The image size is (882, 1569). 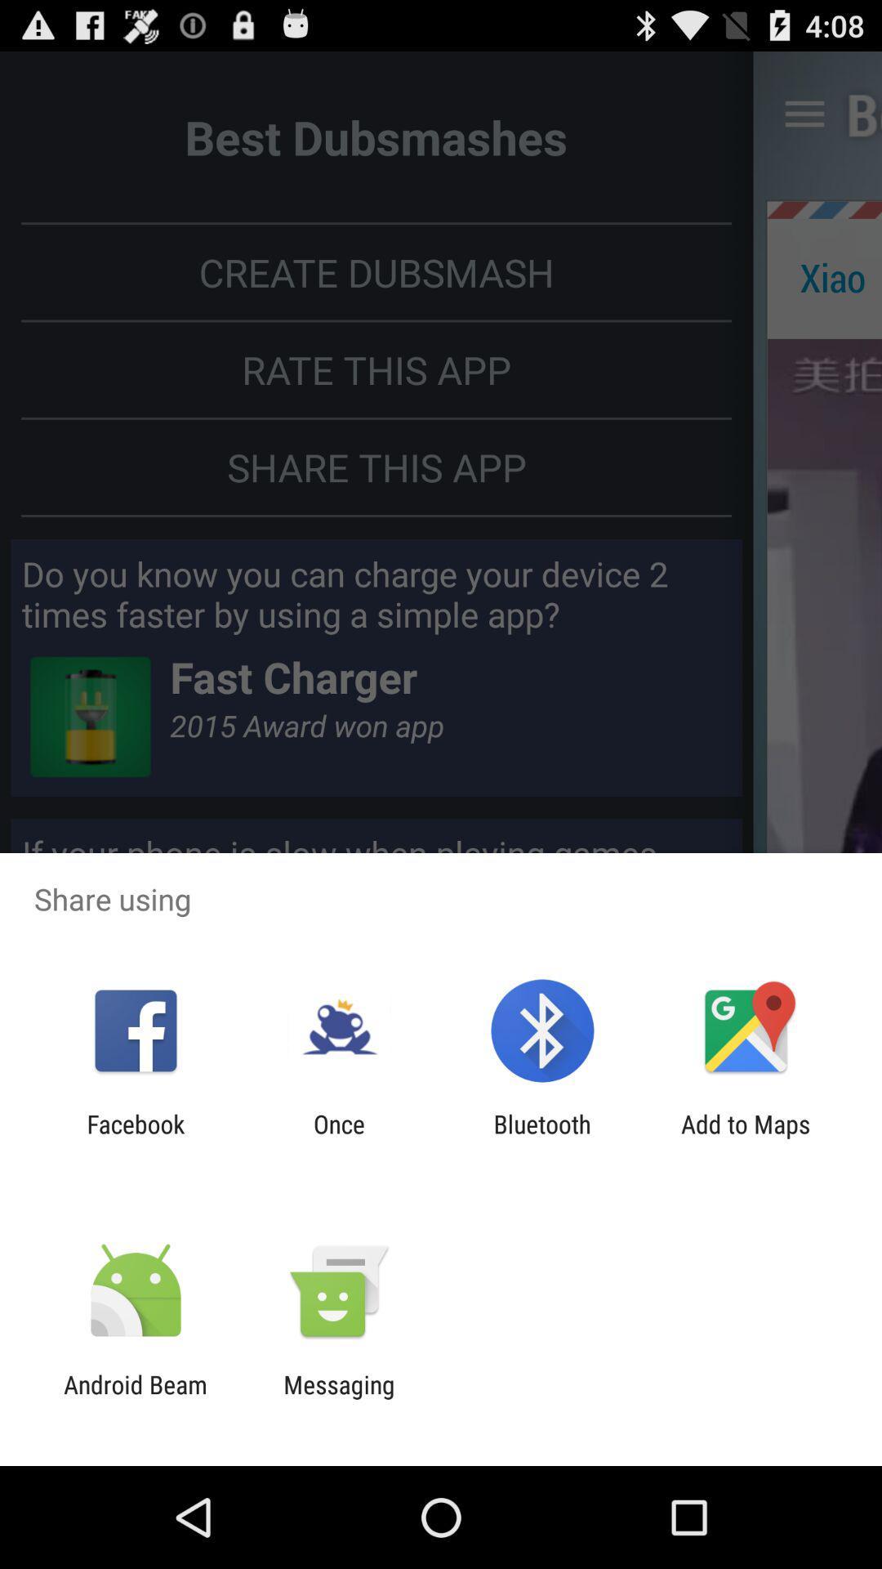 I want to click on the icon next to the bluetooth icon, so click(x=746, y=1138).